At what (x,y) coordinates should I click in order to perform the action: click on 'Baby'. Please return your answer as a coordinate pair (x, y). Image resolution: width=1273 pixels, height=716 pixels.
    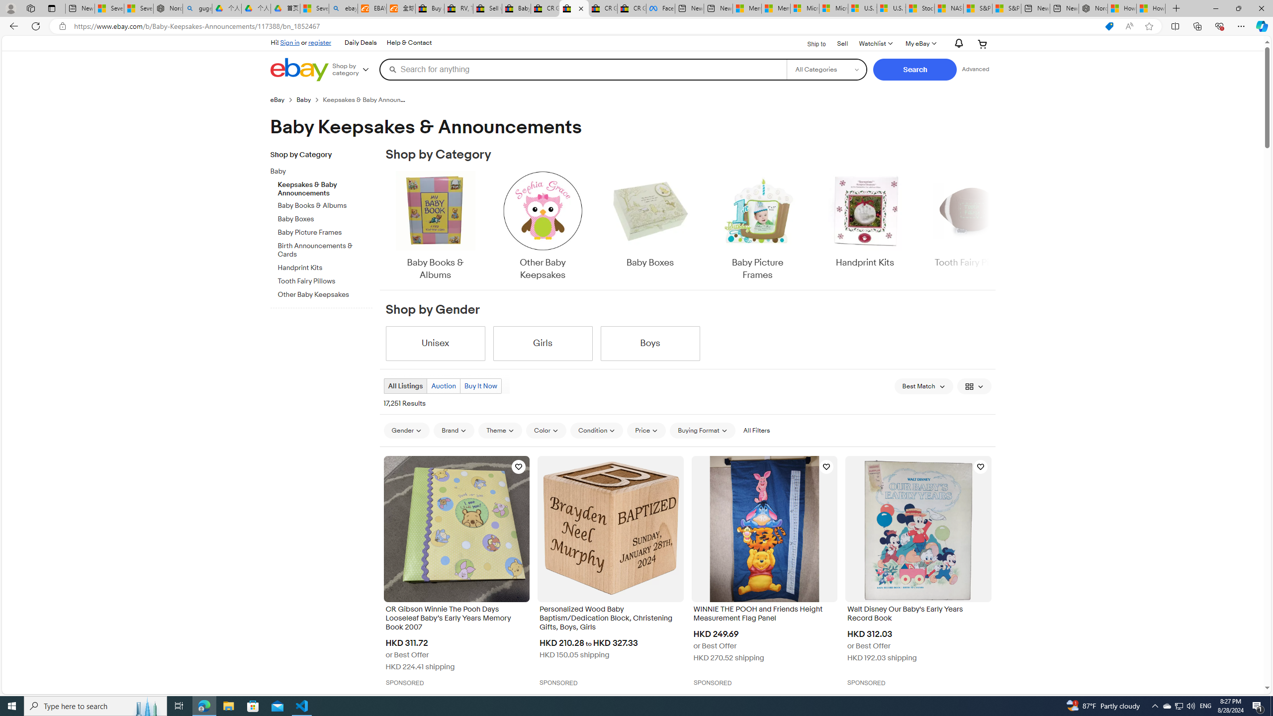
    Looking at the image, I should click on (317, 171).